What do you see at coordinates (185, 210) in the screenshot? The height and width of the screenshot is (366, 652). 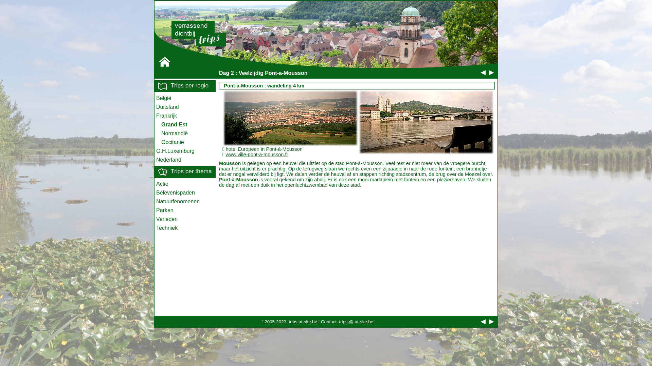 I see `'Parken'` at bounding box center [185, 210].